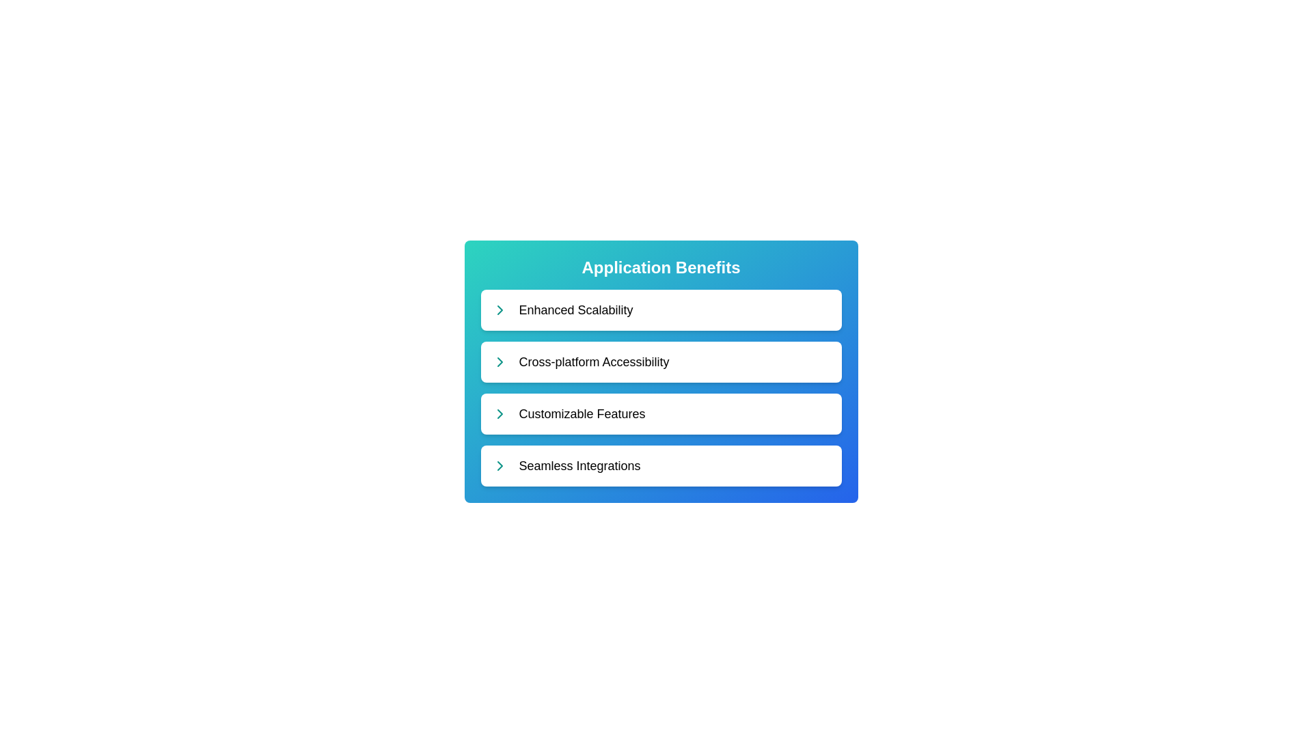 This screenshot has width=1312, height=738. What do you see at coordinates (661, 268) in the screenshot?
I see `the bold header text reading 'Application Benefits'` at bounding box center [661, 268].